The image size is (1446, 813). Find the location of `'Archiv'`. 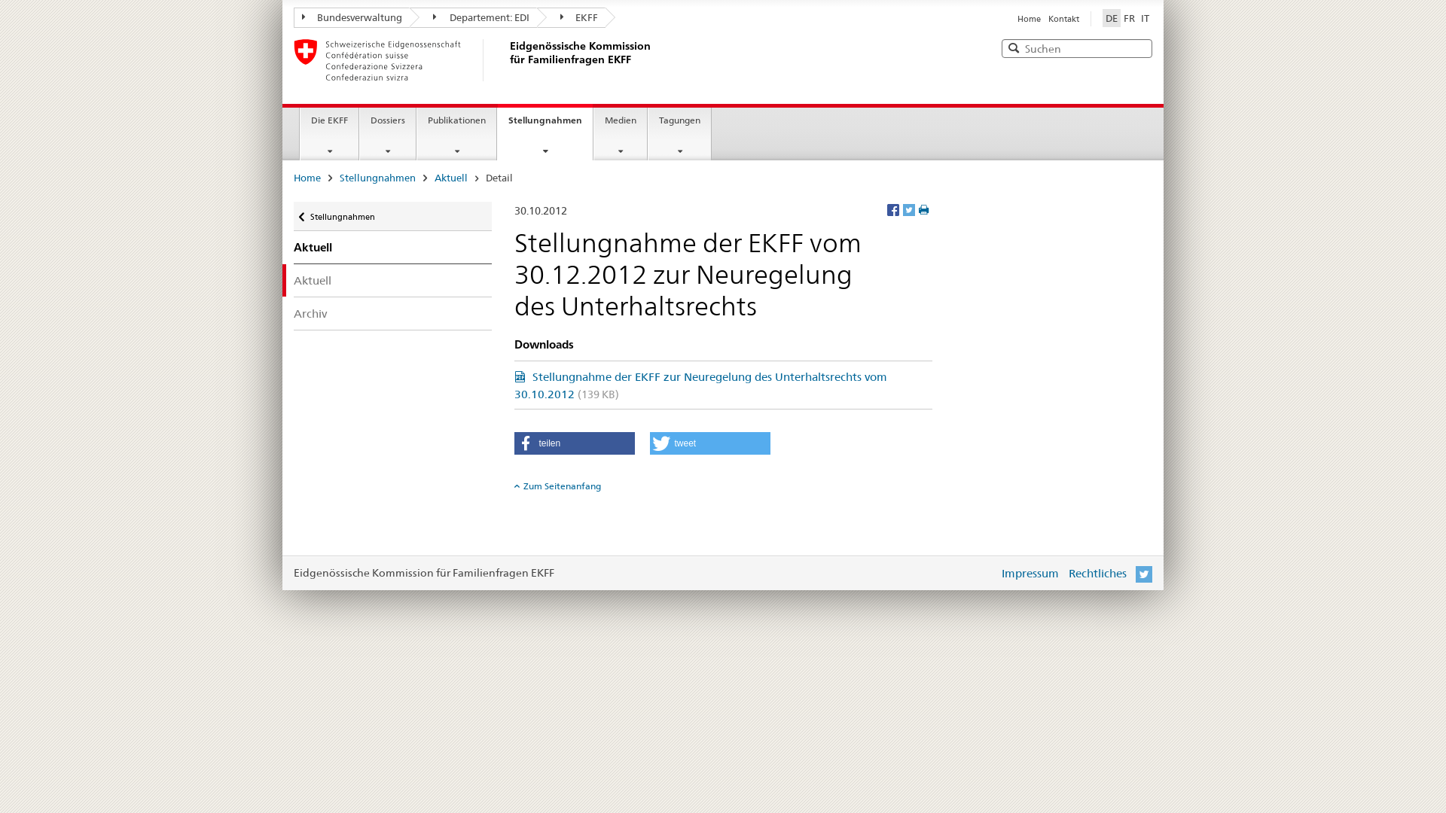

'Archiv' is located at coordinates (392, 312).